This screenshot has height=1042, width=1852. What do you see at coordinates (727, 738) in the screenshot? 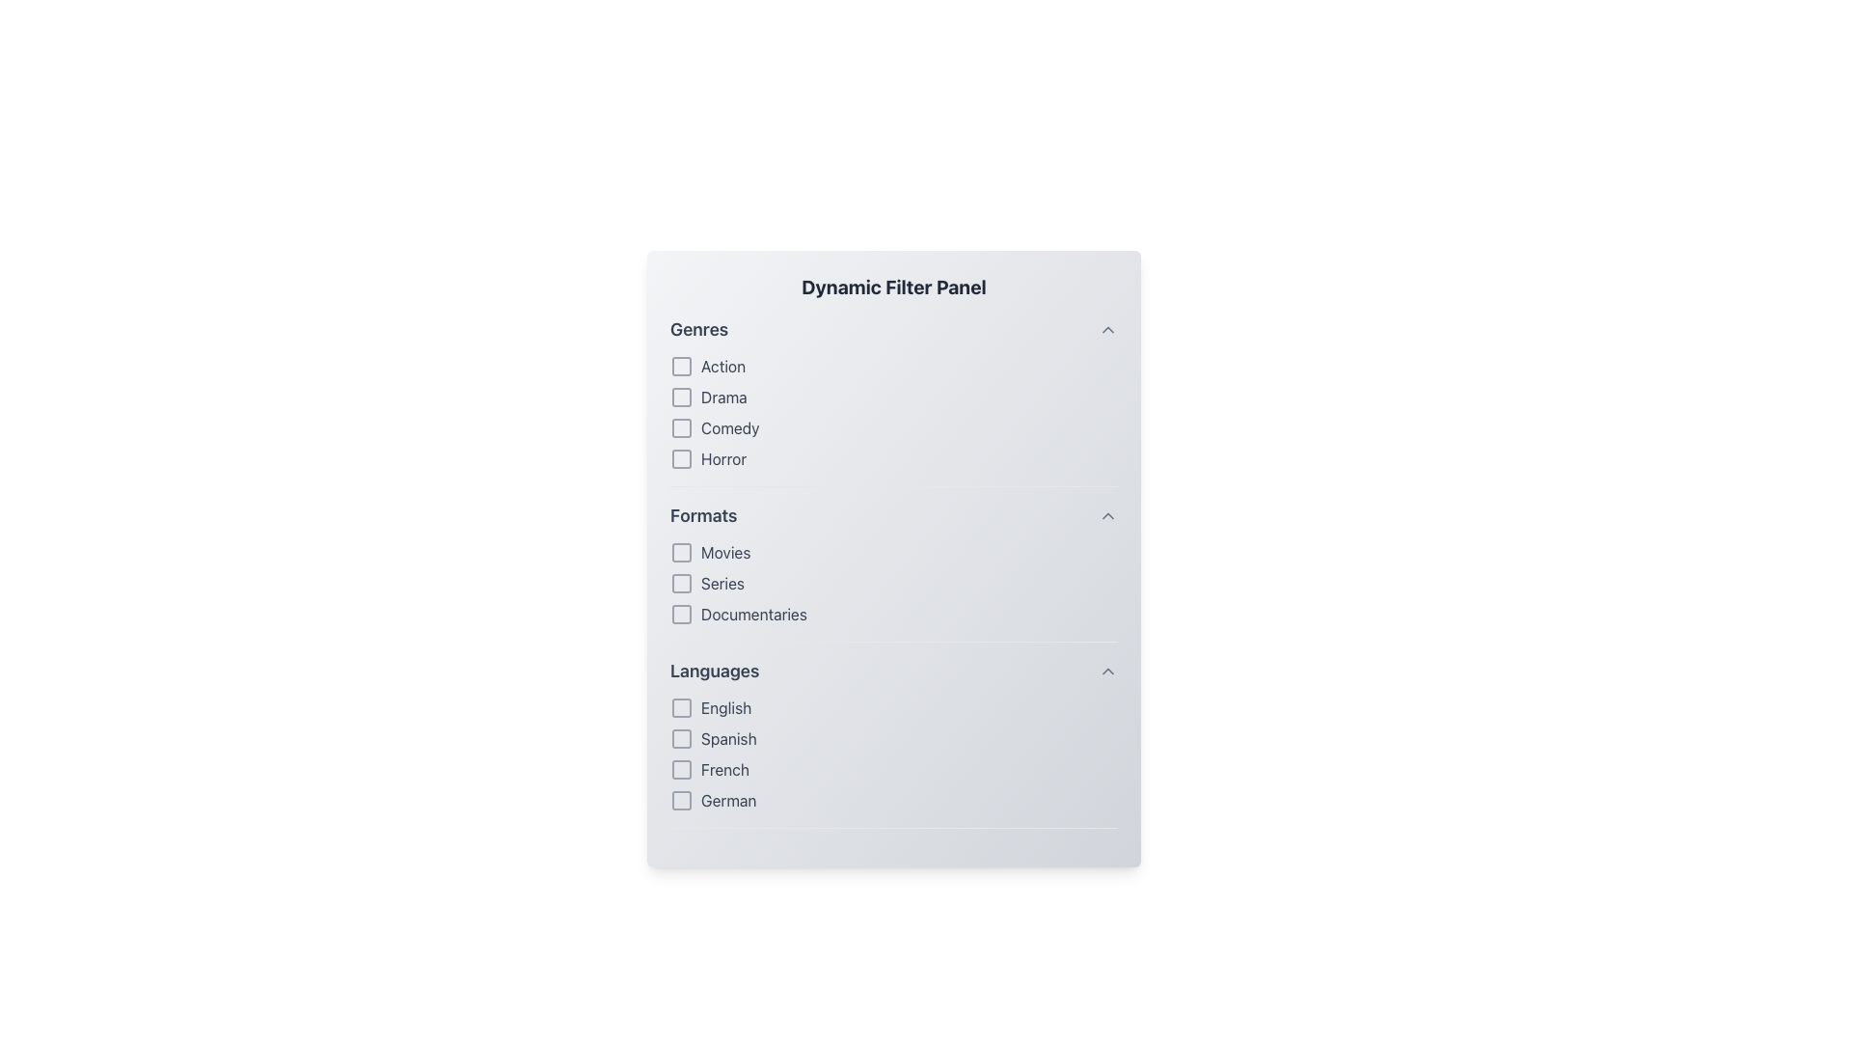
I see `the checkbox next to the 'Spanish' text label` at bounding box center [727, 738].